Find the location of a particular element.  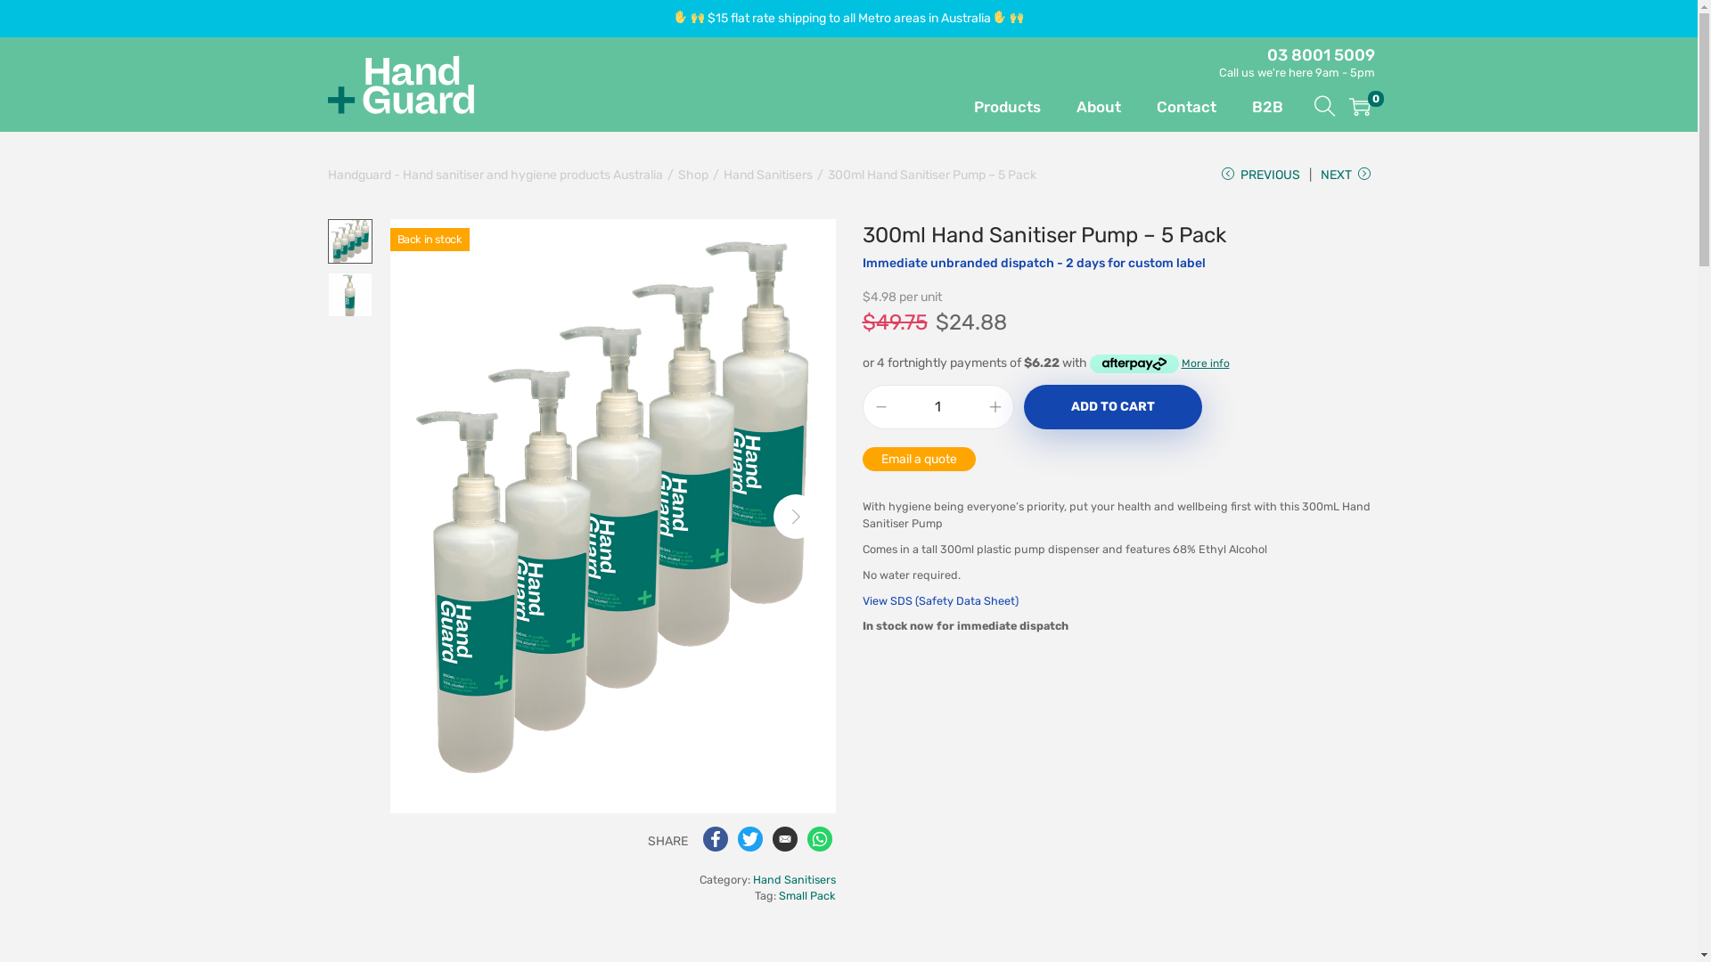

'PREVIOUS' is located at coordinates (1259, 182).